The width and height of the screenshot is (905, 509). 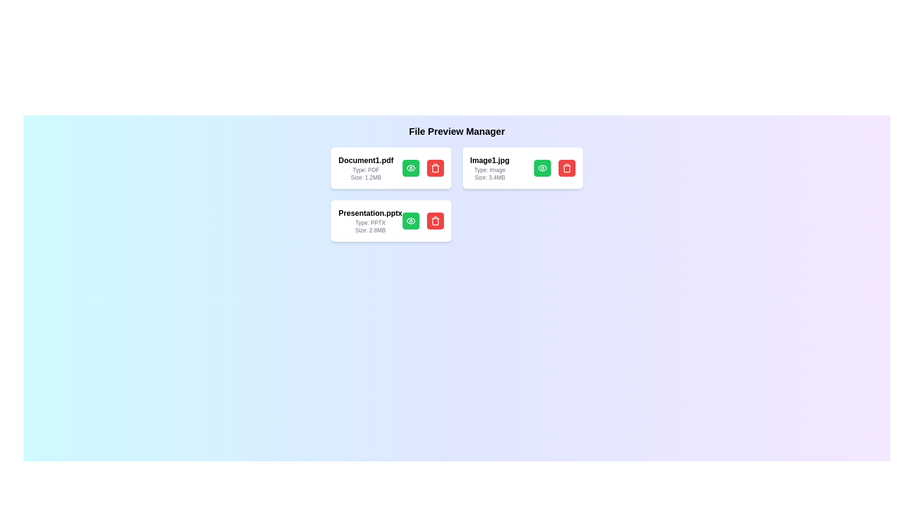 What do you see at coordinates (365, 160) in the screenshot?
I see `text displayed in the label that identifies the name of a file for preview, positioned above the 'Type: PDF' and 'Size: 1.2MB' lines of text` at bounding box center [365, 160].